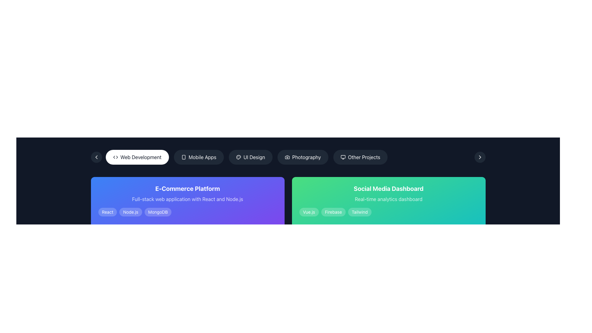  I want to click on the individual tags in the bottom section of the 'E-Commerce Platform' card to emphasize them, so click(187, 212).